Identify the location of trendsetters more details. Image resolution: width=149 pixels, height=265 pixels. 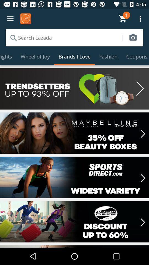
(74, 89).